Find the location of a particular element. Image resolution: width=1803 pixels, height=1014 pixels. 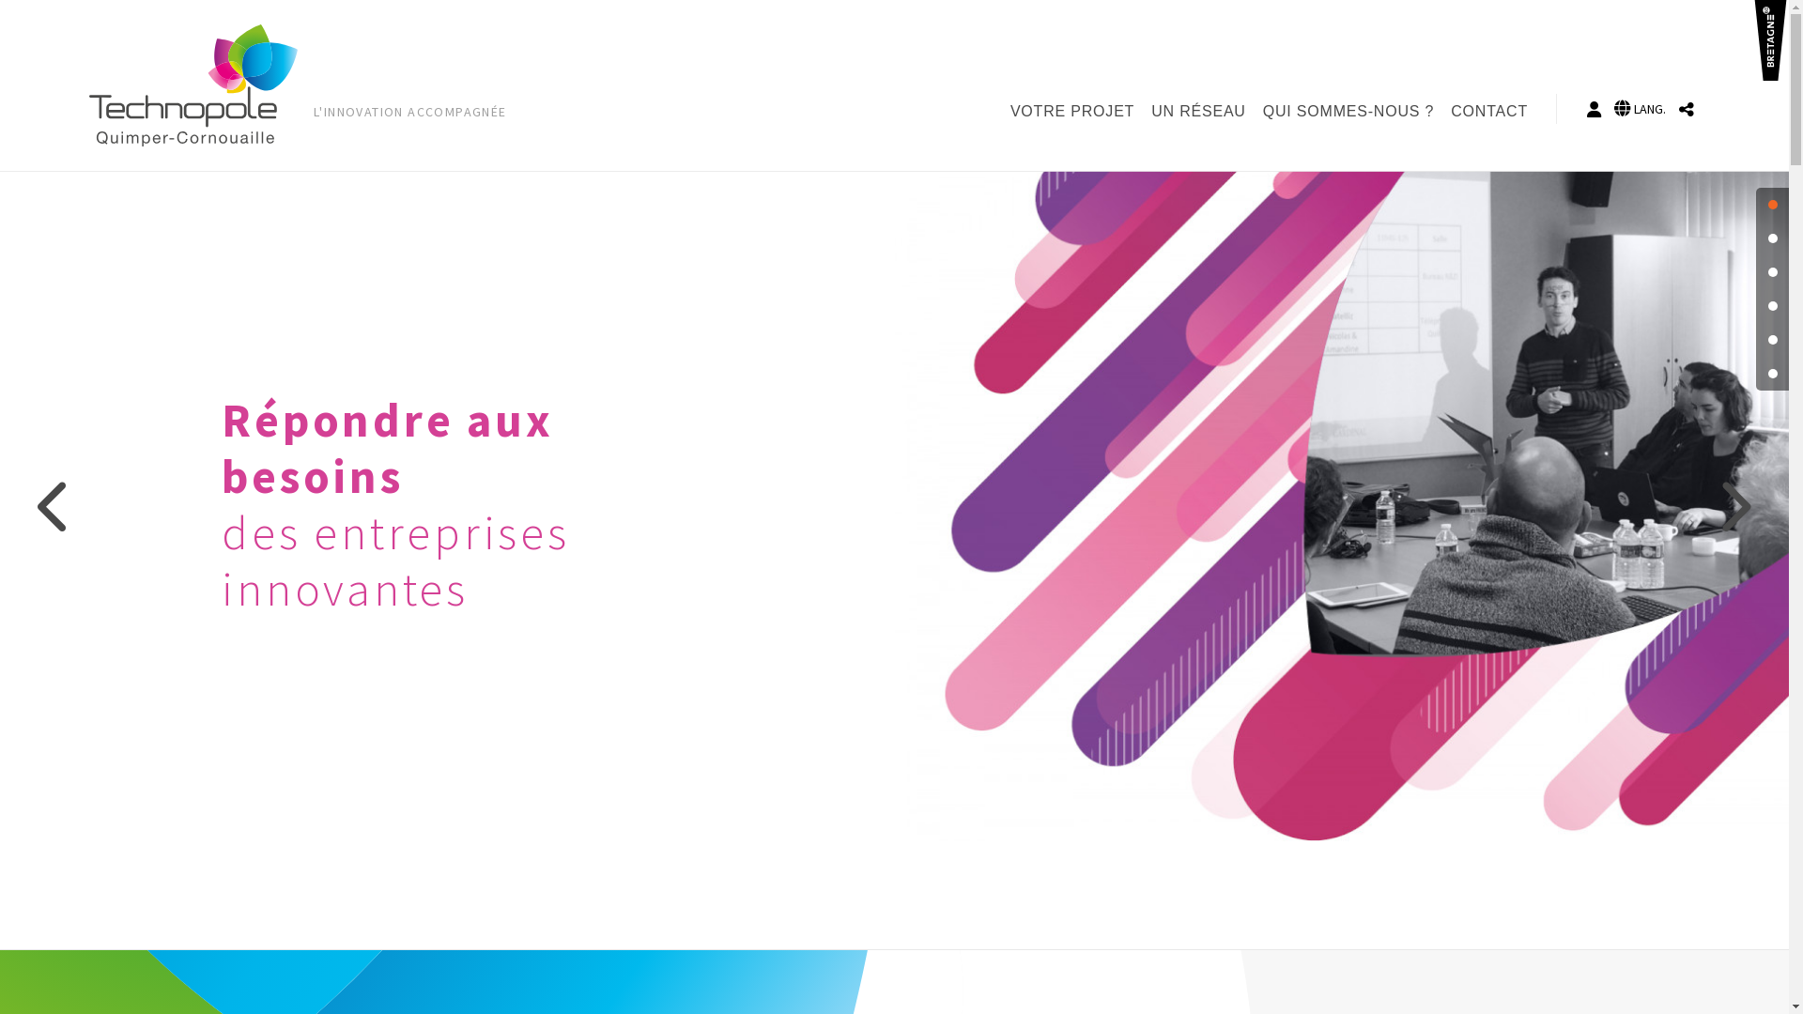

'VOTRE PROJET' is located at coordinates (1076, 112).